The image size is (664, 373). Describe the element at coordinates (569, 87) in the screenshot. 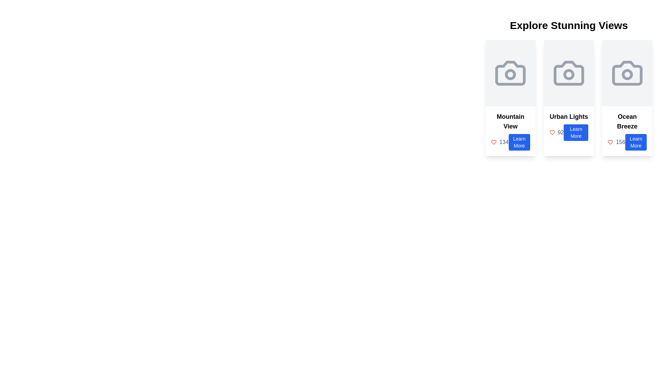

I see `the 'Urban Lights' card which is the second item in a horizontally aligned set of three cards to possibly reveal more details` at that location.